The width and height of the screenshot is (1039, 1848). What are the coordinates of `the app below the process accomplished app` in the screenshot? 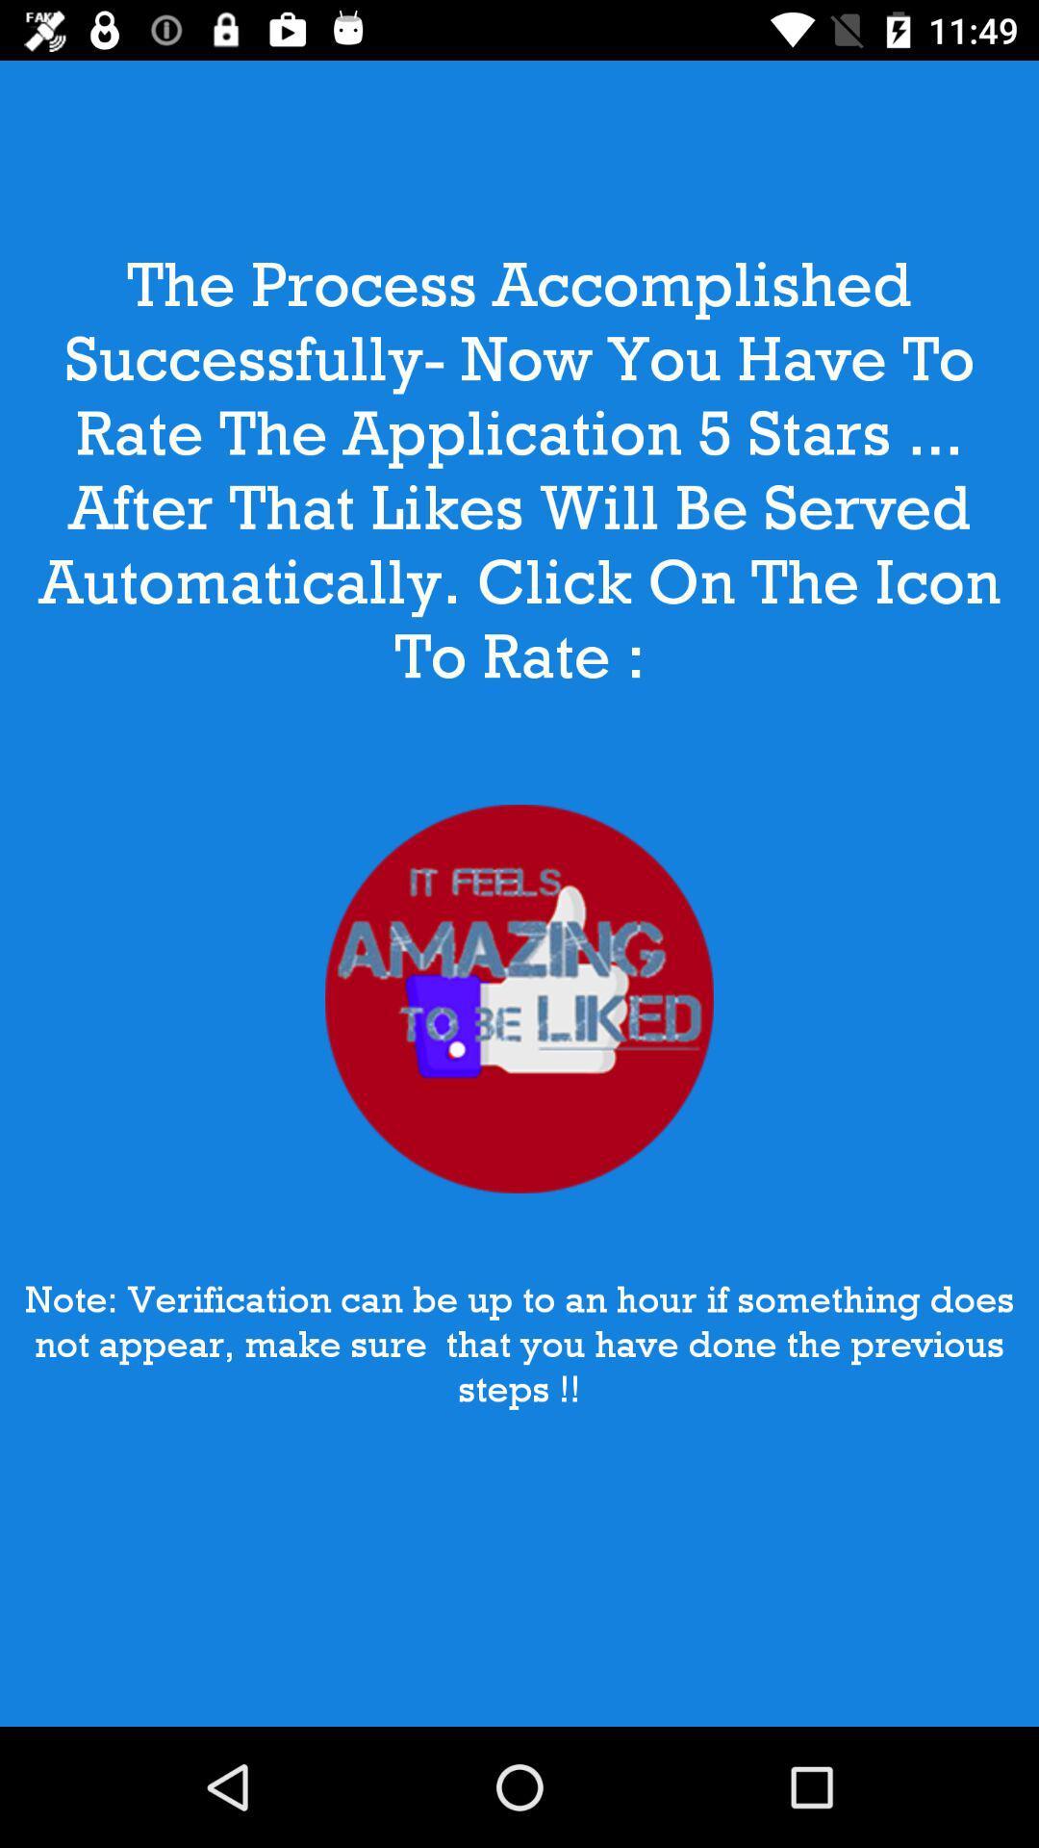 It's located at (519, 999).